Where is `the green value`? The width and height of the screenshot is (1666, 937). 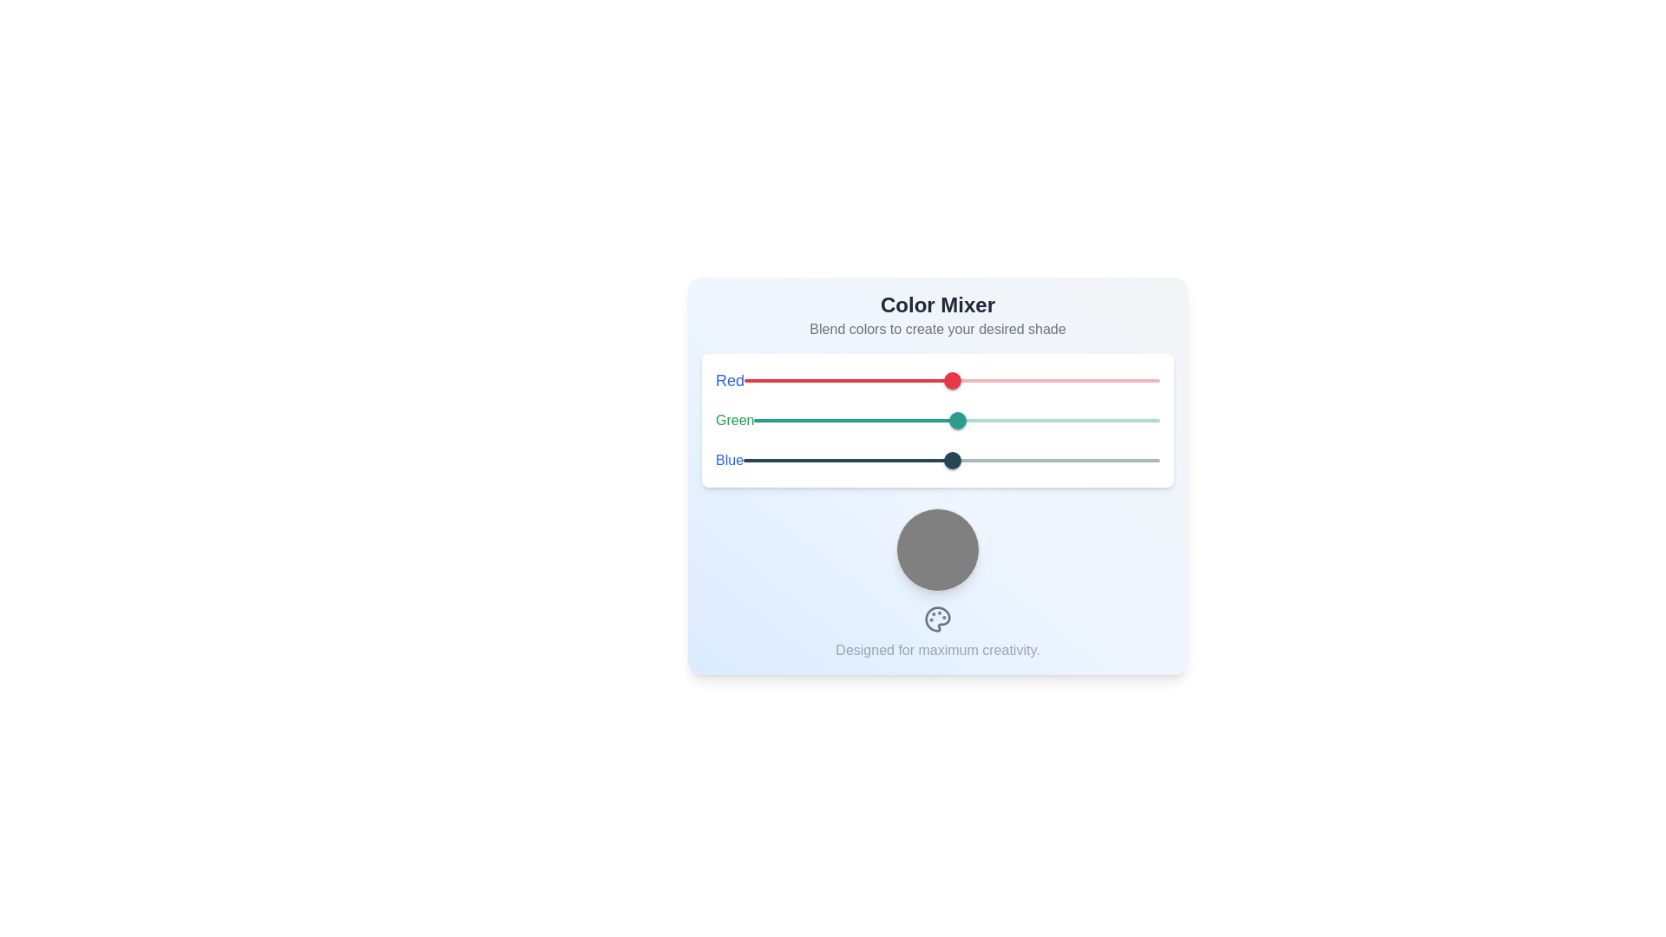
the green value is located at coordinates (854, 421).